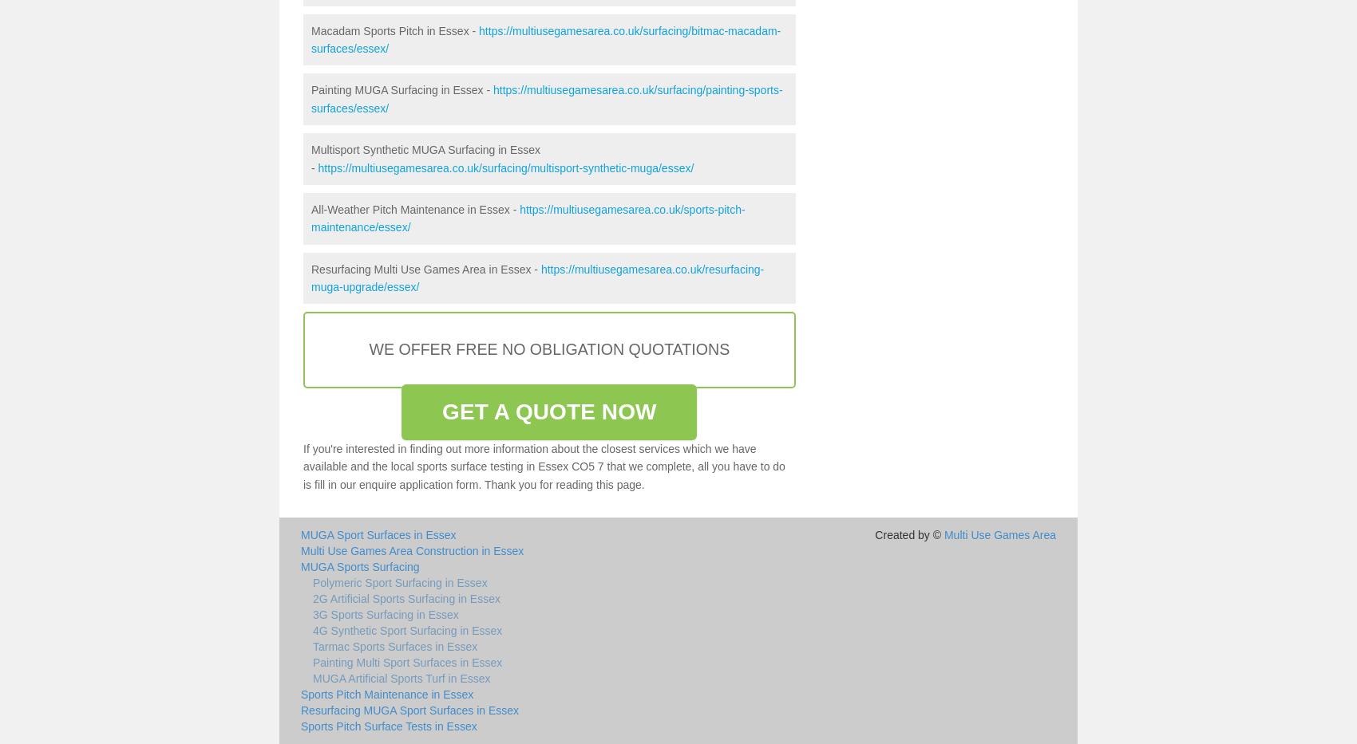 The image size is (1357, 744). Describe the element at coordinates (395, 29) in the screenshot. I see `'Macadam Sports Pitch in Essex -'` at that location.